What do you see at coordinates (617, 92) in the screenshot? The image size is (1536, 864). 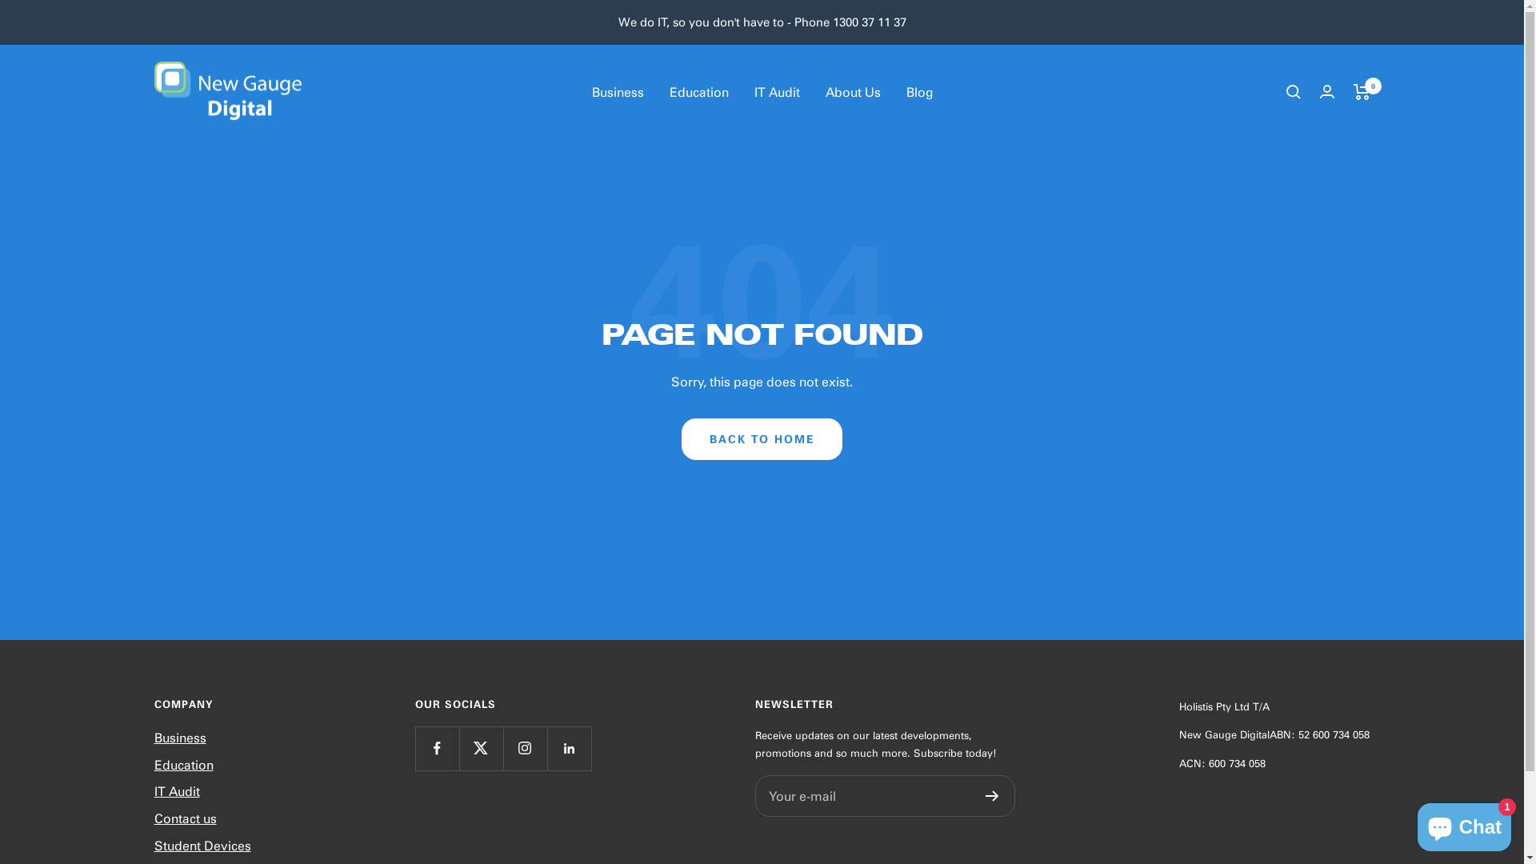 I see `'Business'` at bounding box center [617, 92].